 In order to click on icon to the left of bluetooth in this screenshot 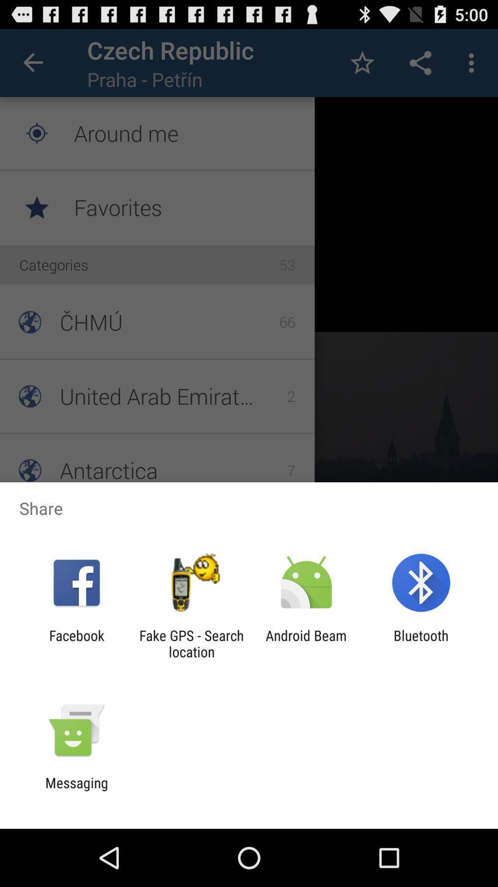, I will do `click(306, 643)`.